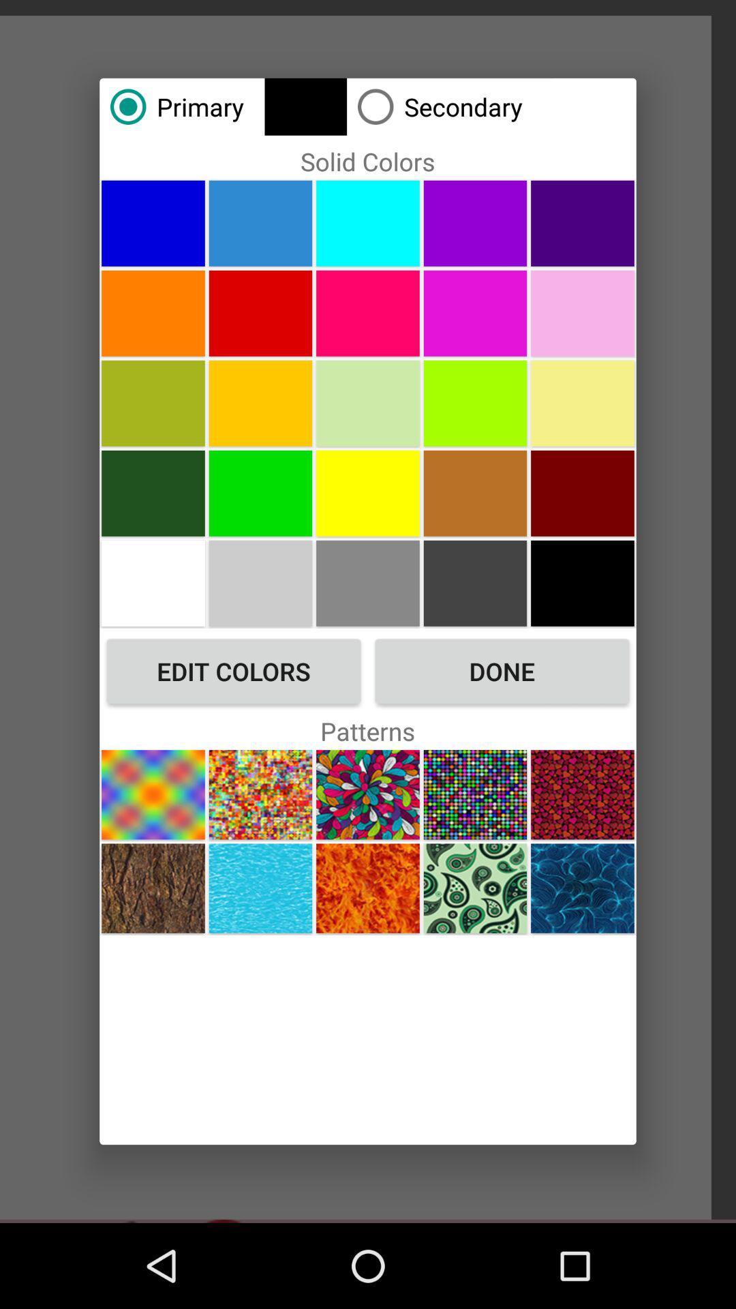 Image resolution: width=736 pixels, height=1309 pixels. What do you see at coordinates (583, 223) in the screenshot?
I see `color purple` at bounding box center [583, 223].